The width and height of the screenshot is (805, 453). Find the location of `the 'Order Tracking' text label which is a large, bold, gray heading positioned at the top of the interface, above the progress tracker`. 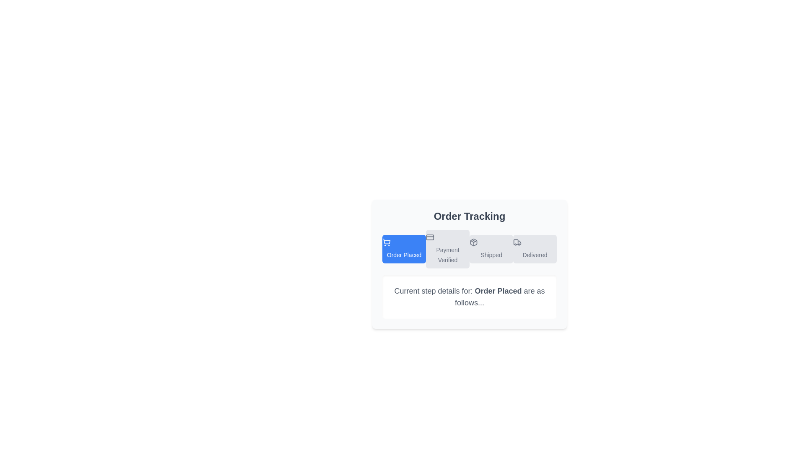

the 'Order Tracking' text label which is a large, bold, gray heading positioned at the top of the interface, above the progress tracker is located at coordinates (469, 216).